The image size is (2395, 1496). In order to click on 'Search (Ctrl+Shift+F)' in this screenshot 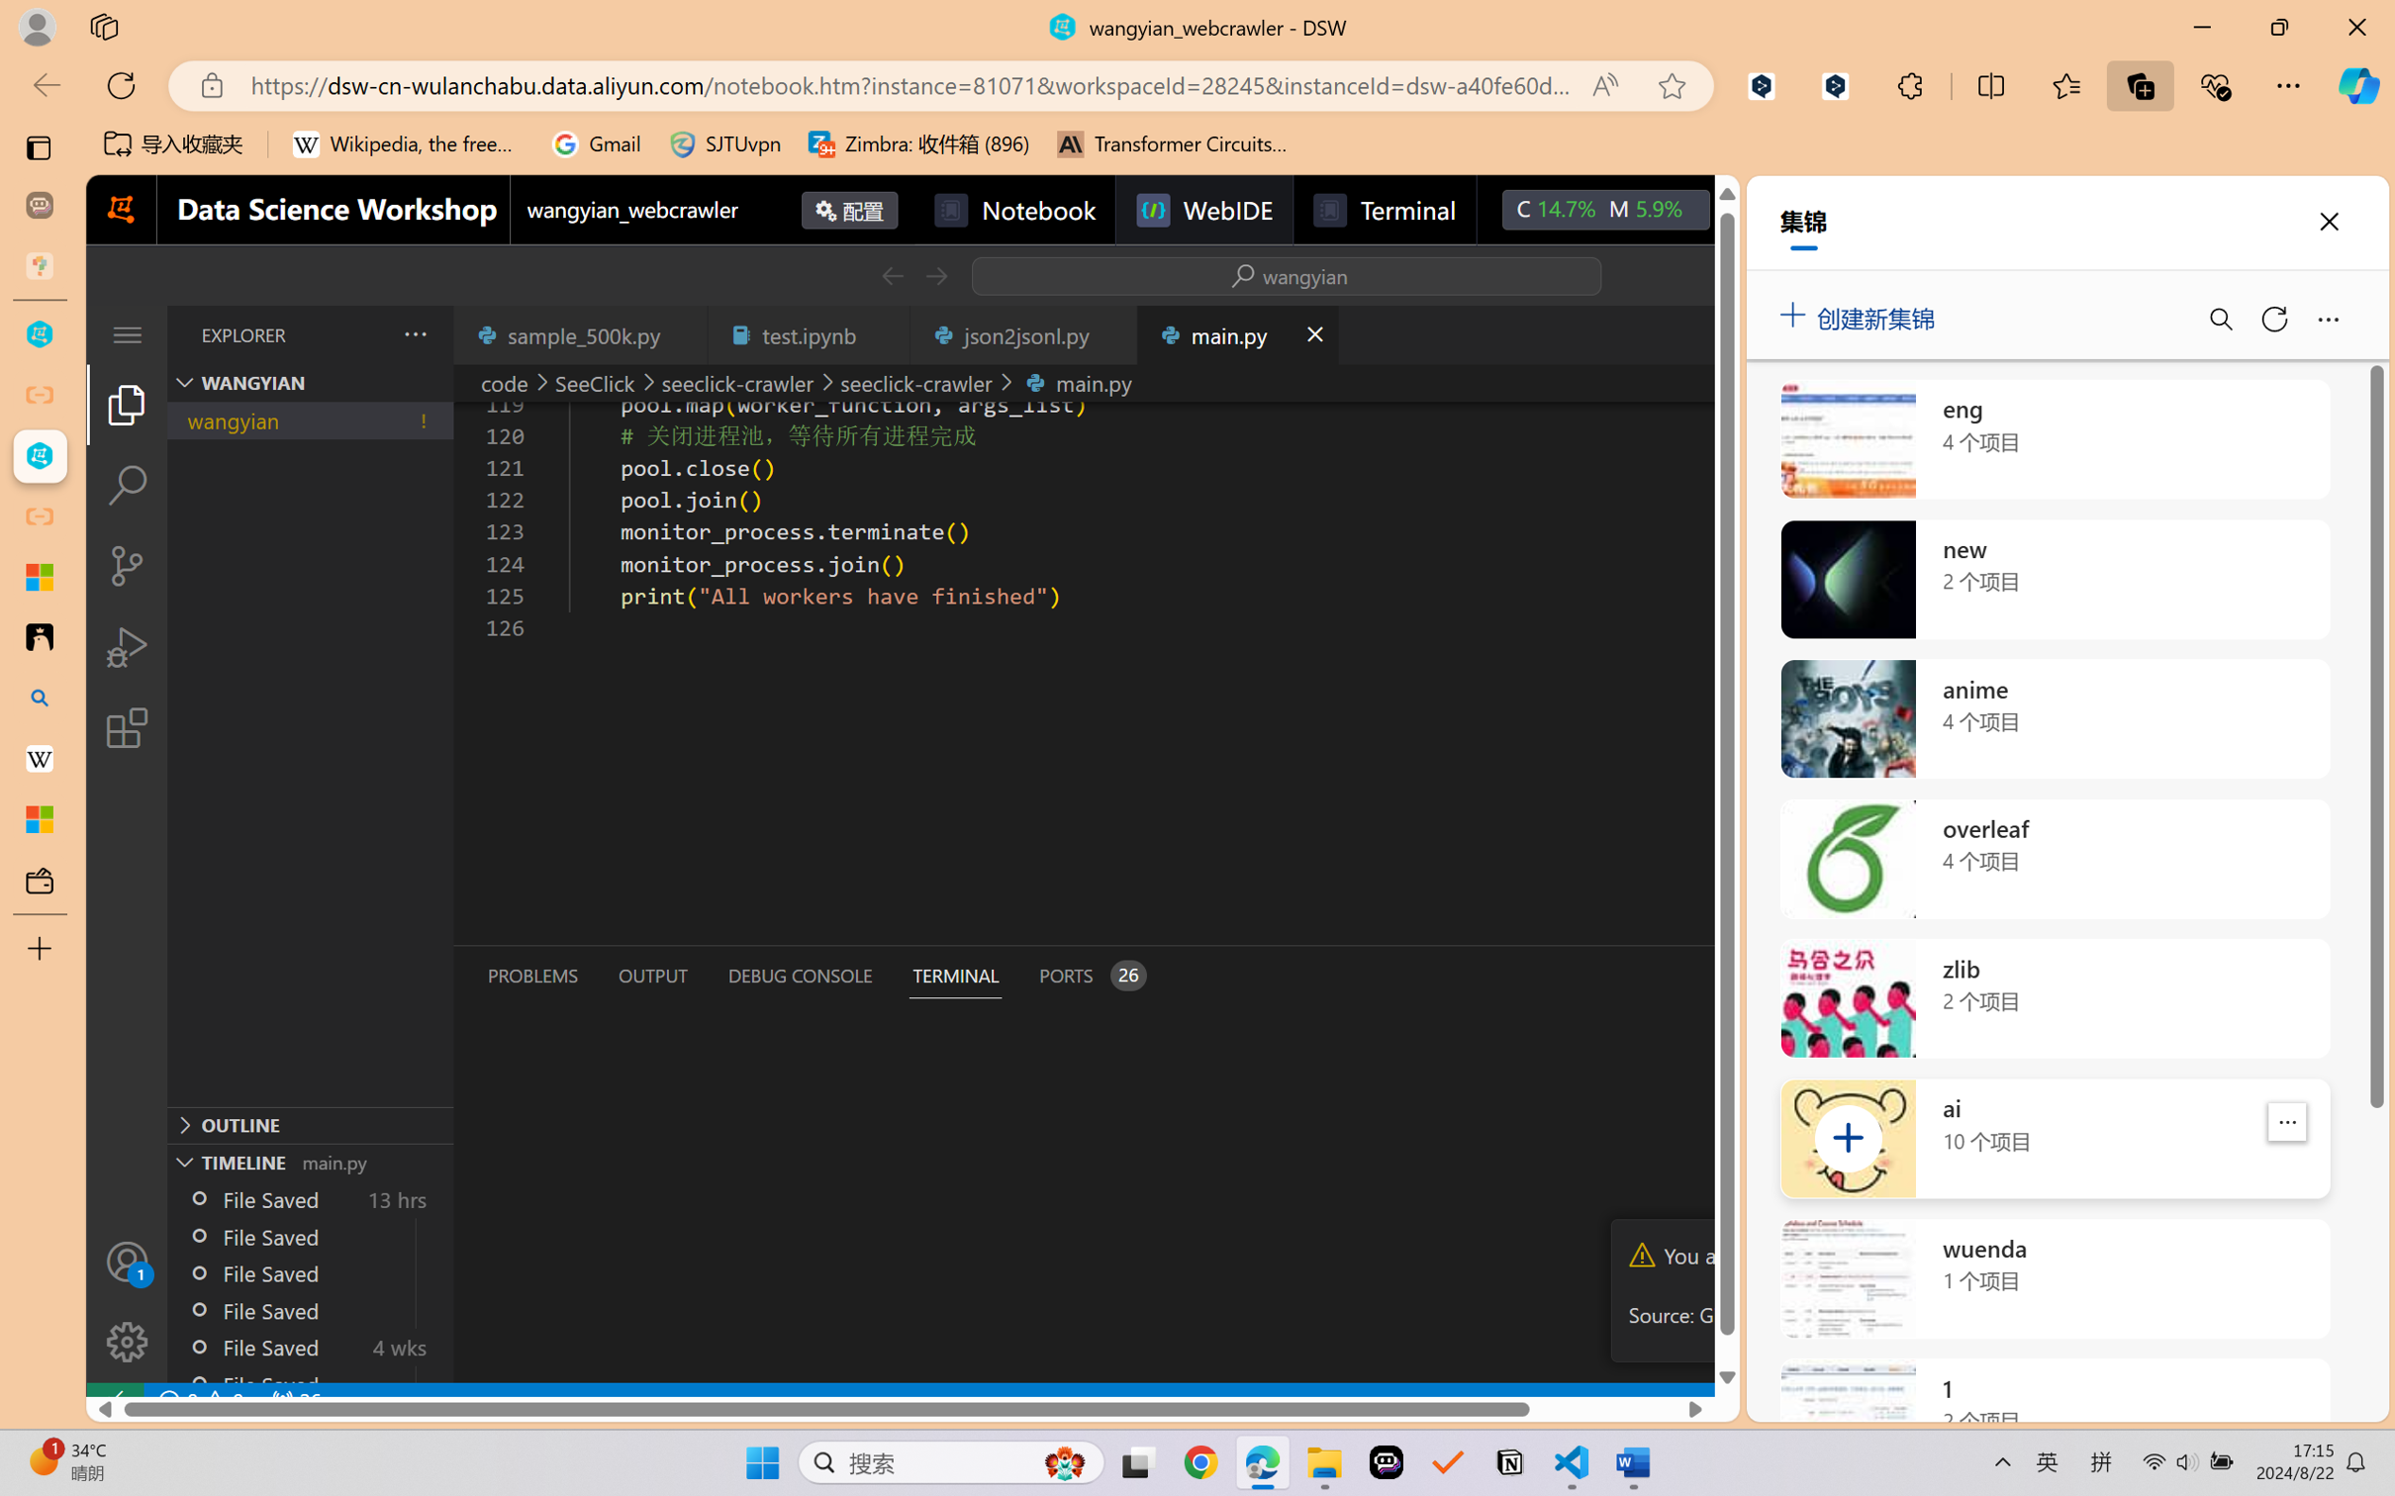, I will do `click(126, 485)`.